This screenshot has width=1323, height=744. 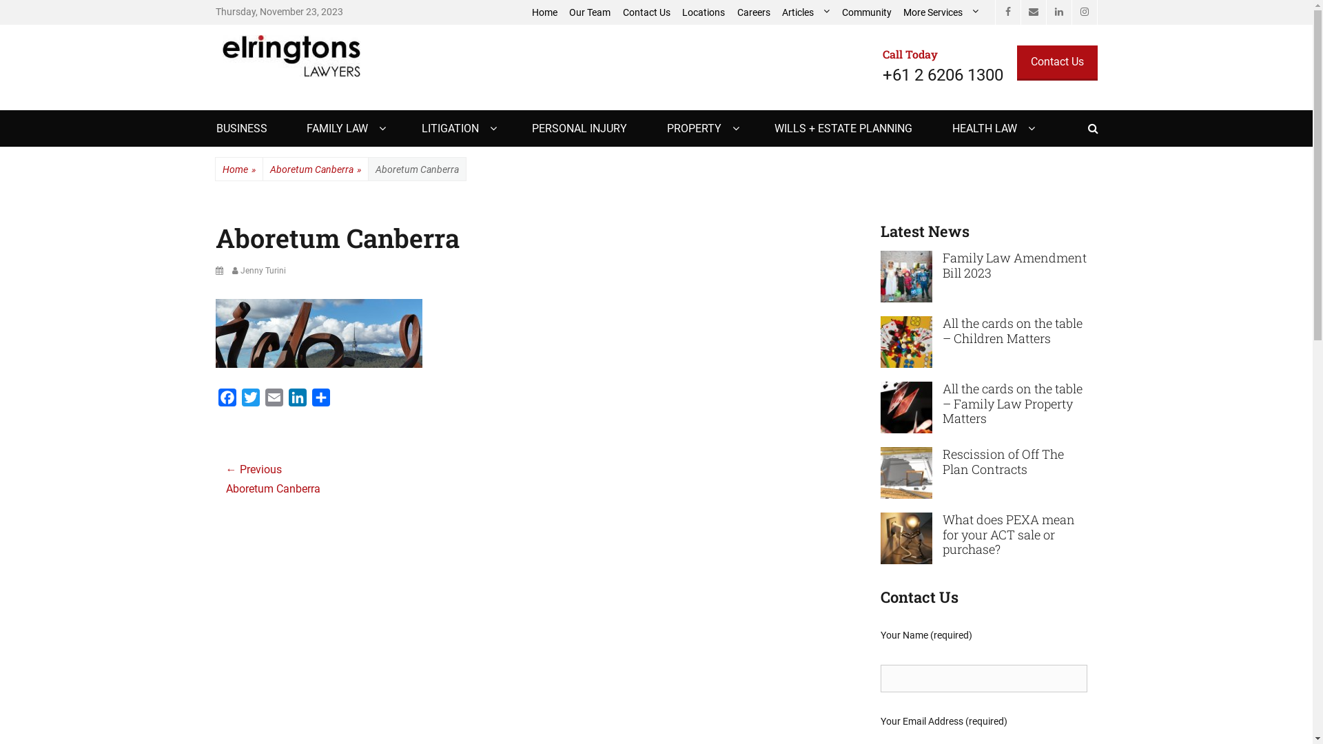 I want to click on 'HEALTH LAW', so click(x=991, y=128).